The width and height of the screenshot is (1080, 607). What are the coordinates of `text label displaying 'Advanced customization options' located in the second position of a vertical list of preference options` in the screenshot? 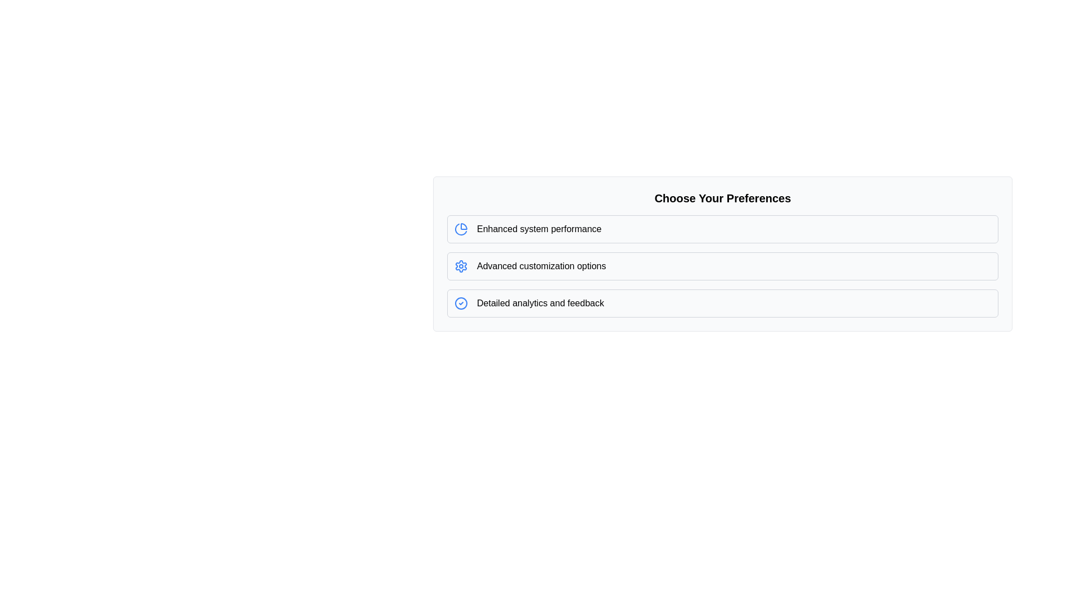 It's located at (541, 266).